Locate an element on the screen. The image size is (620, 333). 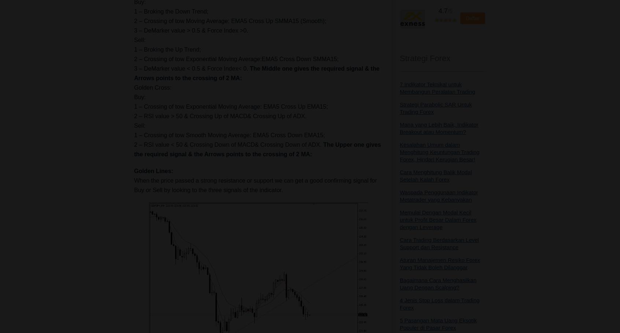
'1 – Broking the Up Trend;' is located at coordinates (167, 49).